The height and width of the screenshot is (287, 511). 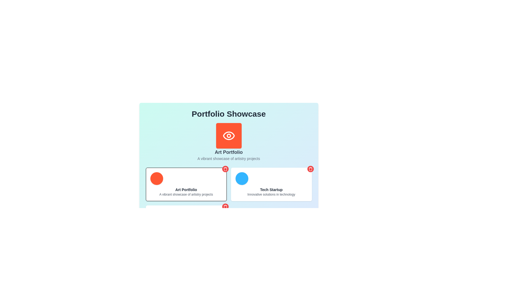 I want to click on the trash bin icon in the top-right corner of the 'Art Portfolio' card, so click(x=310, y=169).